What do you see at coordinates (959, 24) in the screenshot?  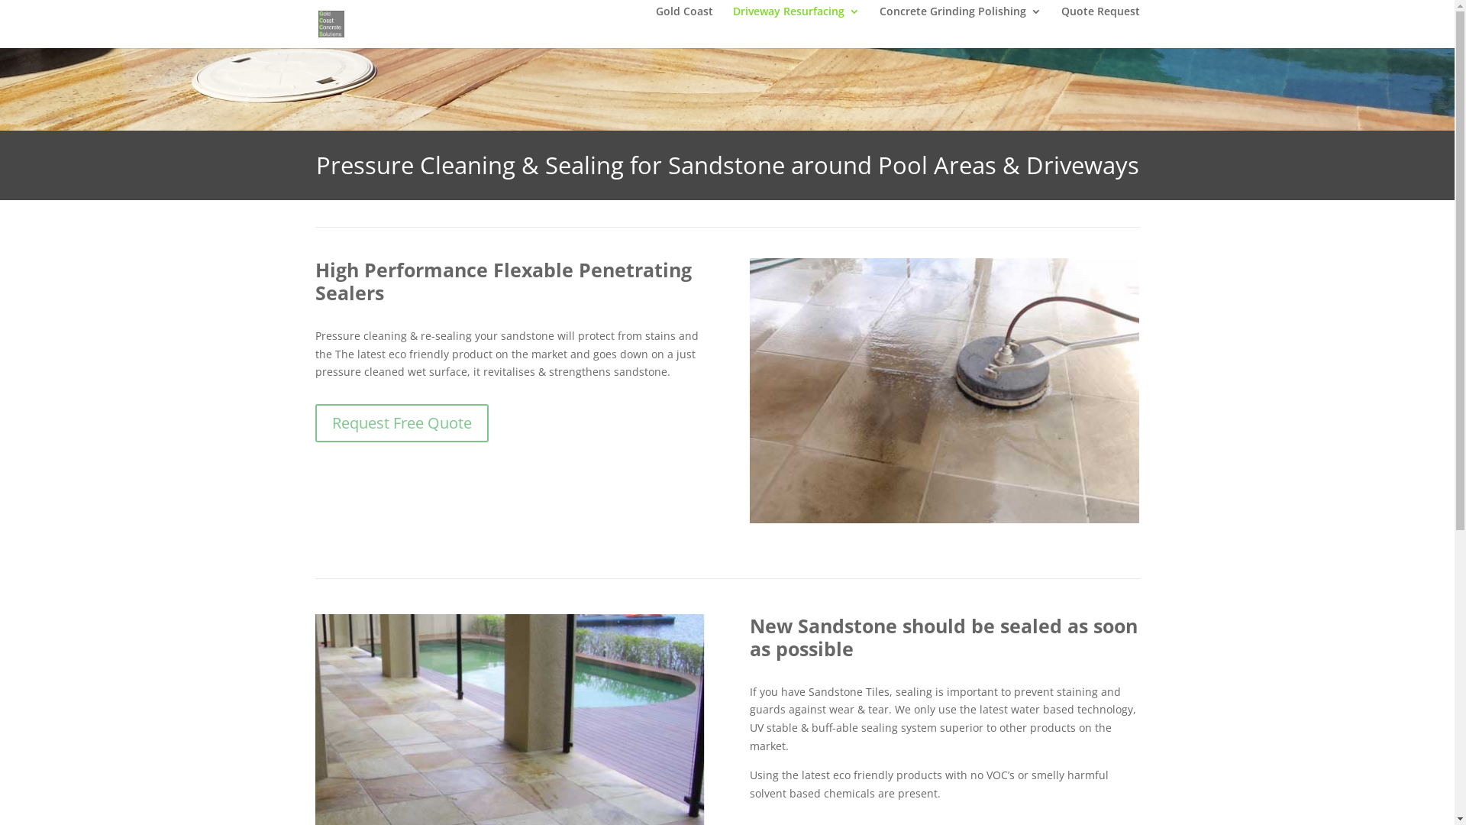 I see `'Concrete Grinding Polishing'` at bounding box center [959, 24].